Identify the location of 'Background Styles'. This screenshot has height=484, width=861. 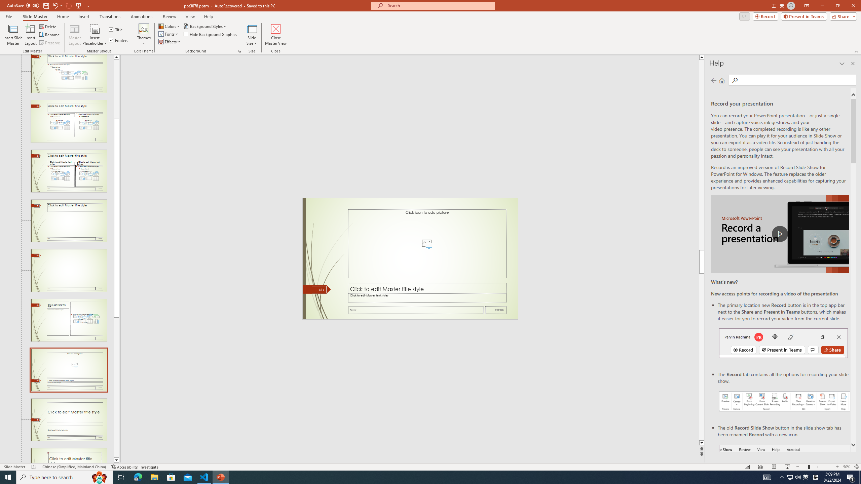
(205, 26).